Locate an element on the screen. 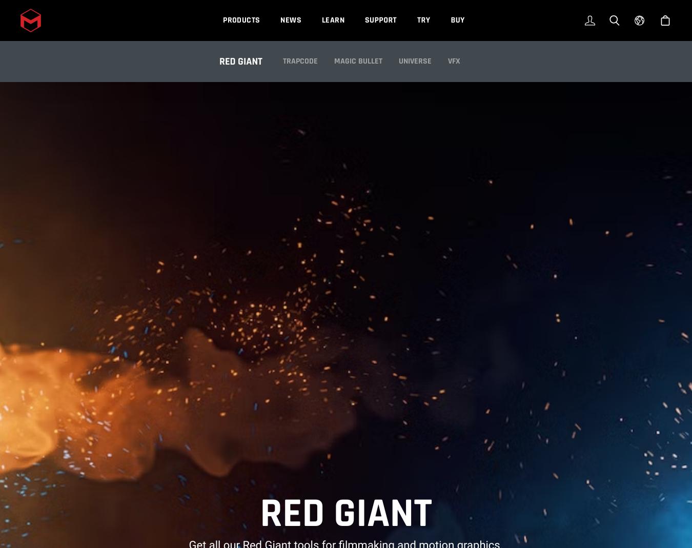  'UTILITIES' is located at coordinates (414, 71).